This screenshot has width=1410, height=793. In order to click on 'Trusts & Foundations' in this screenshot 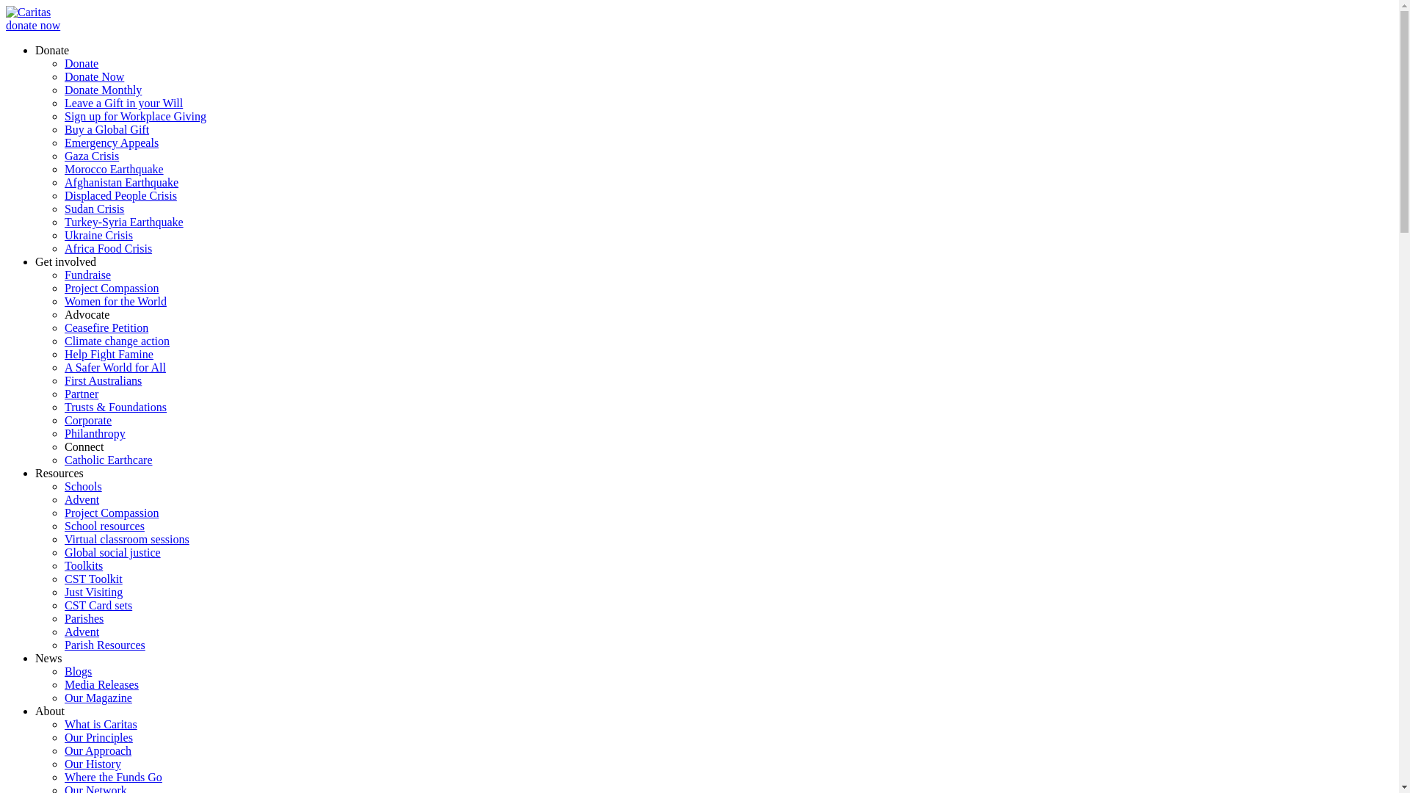, I will do `click(115, 407)`.